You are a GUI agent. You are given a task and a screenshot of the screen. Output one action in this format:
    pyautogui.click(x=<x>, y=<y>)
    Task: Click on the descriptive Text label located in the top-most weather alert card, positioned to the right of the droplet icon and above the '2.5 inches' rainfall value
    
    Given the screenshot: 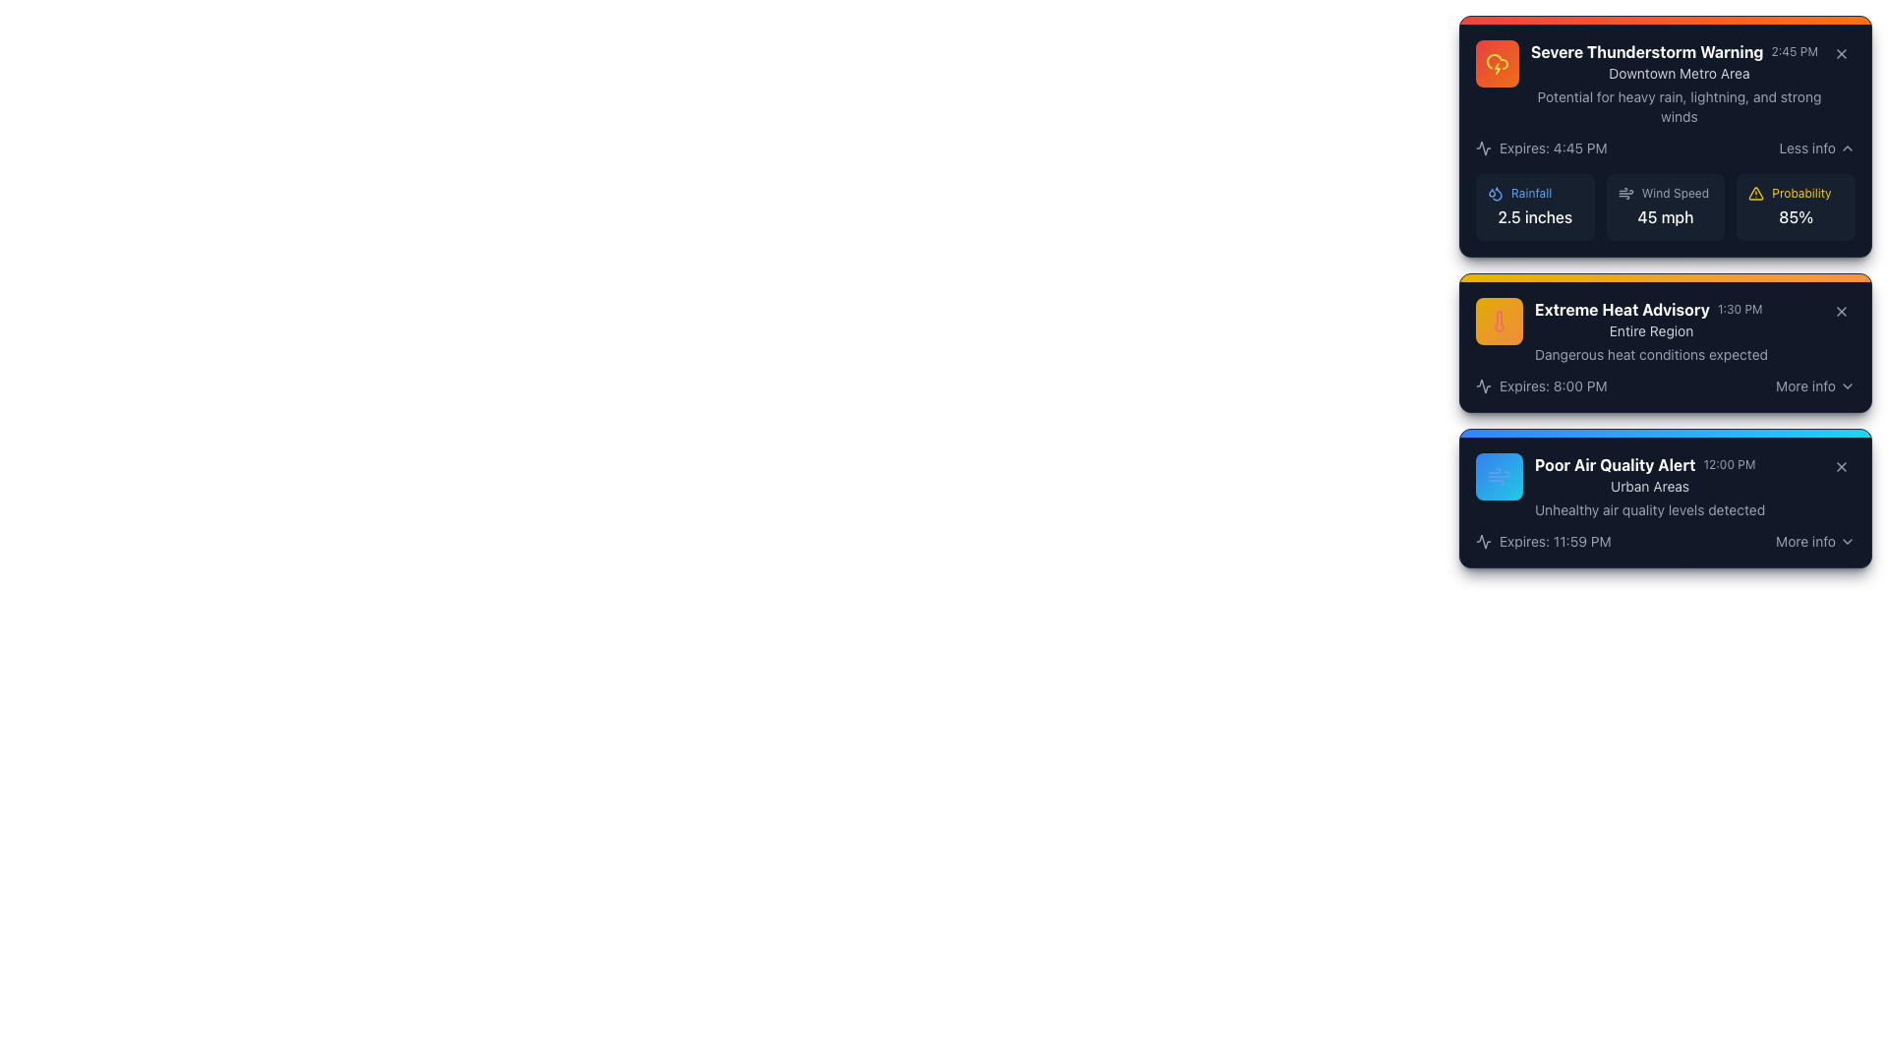 What is the action you would take?
    pyautogui.click(x=1530, y=193)
    